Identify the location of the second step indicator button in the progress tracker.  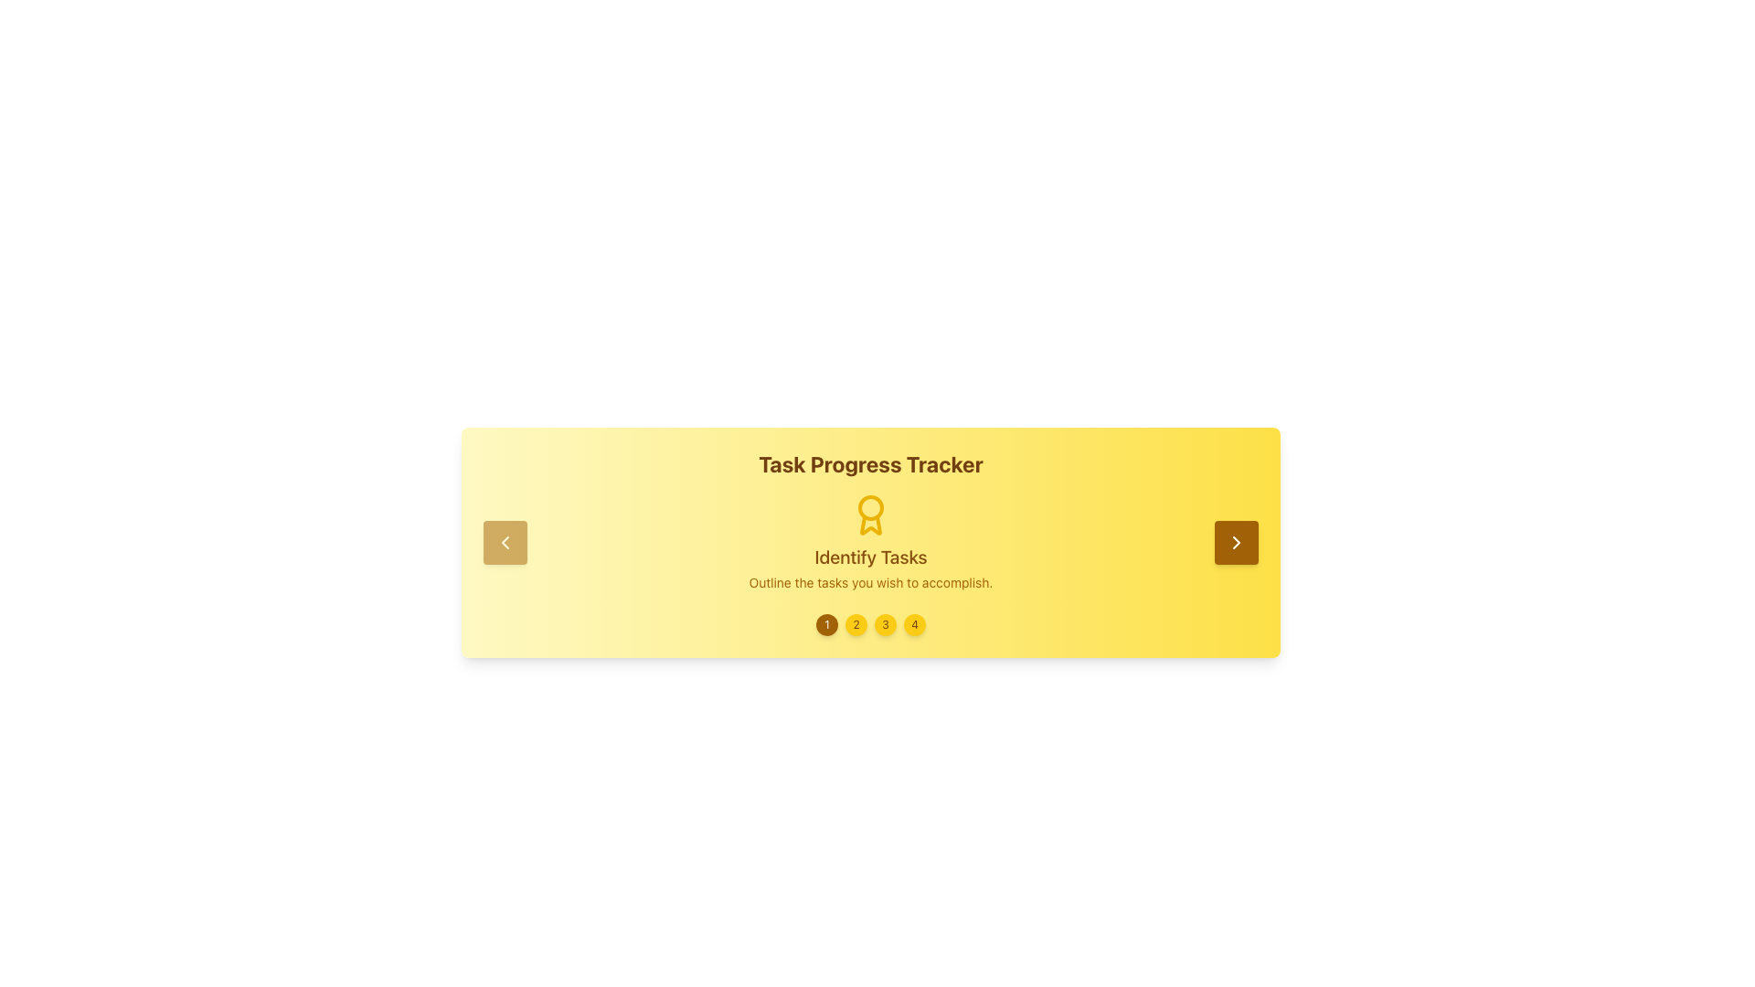
(855, 623).